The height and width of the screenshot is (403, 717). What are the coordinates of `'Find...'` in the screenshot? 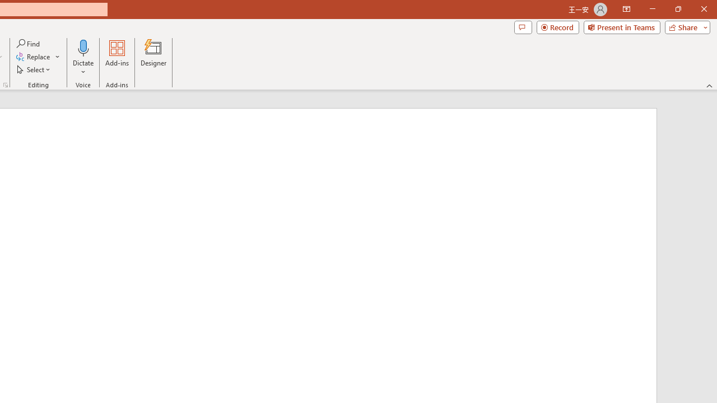 It's located at (29, 43).